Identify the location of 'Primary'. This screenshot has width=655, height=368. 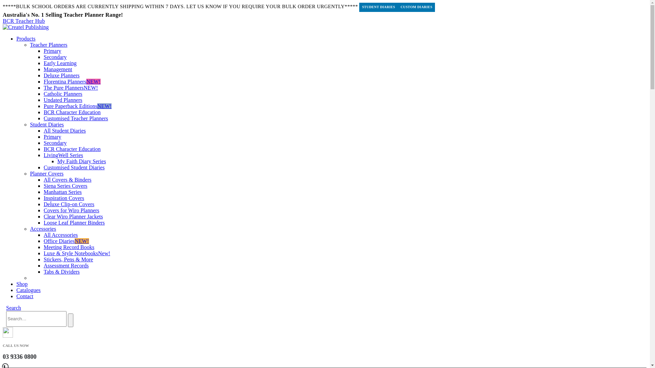
(52, 137).